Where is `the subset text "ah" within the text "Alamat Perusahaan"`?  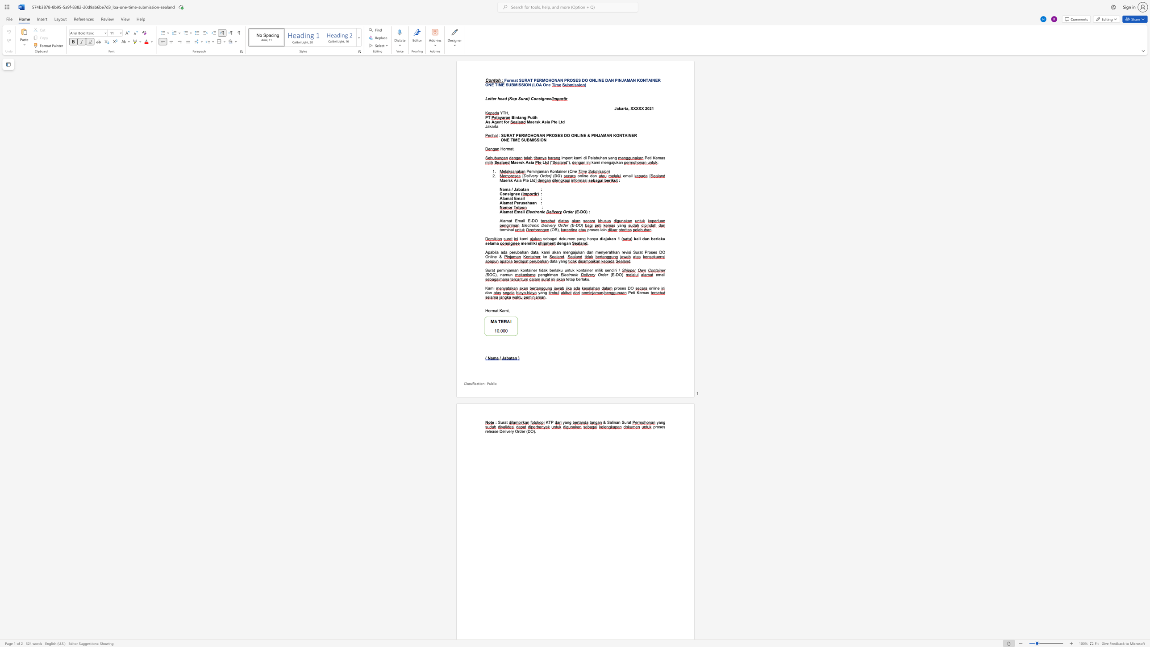
the subset text "ah" within the text "Alamat Perusahaan" is located at coordinates (525, 202).